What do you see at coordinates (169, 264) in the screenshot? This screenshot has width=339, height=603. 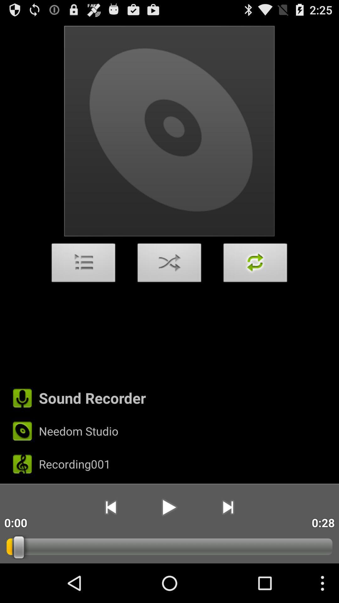 I see `the app above the sound recorder` at bounding box center [169, 264].